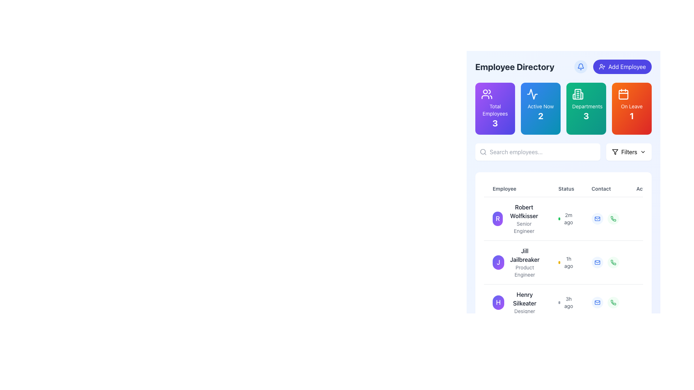 The height and width of the screenshot is (390, 694). What do you see at coordinates (613, 218) in the screenshot?
I see `the green phone icon in the 'Contact' section for 'Jill Jailbreaker'` at bounding box center [613, 218].